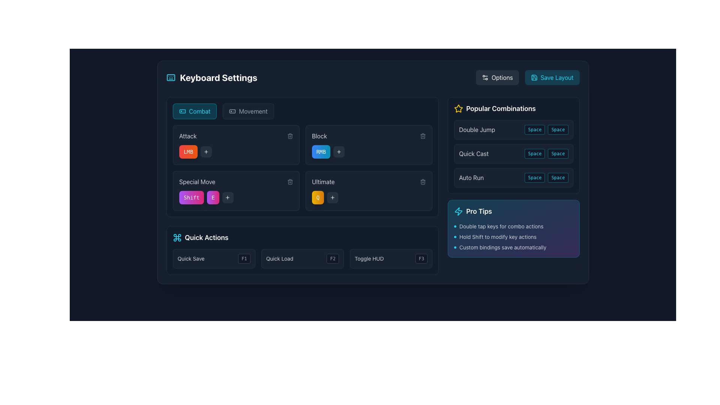  I want to click on the button for adding or editing a setting related to the 'Attack' action in the 'Keyboard Settings' panel, so click(206, 152).